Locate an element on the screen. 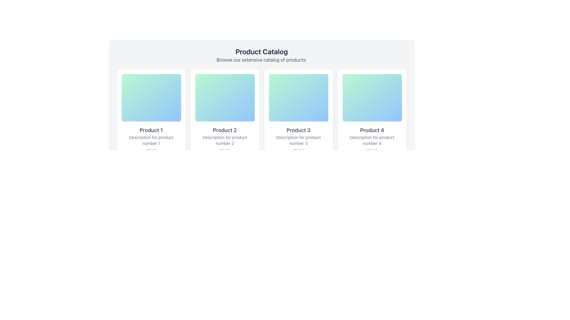  the Text Label element stating 'Description for product number 4', which is located below 'Product 4' and above '#Cat4', in the Product Catalog section is located at coordinates (372, 140).